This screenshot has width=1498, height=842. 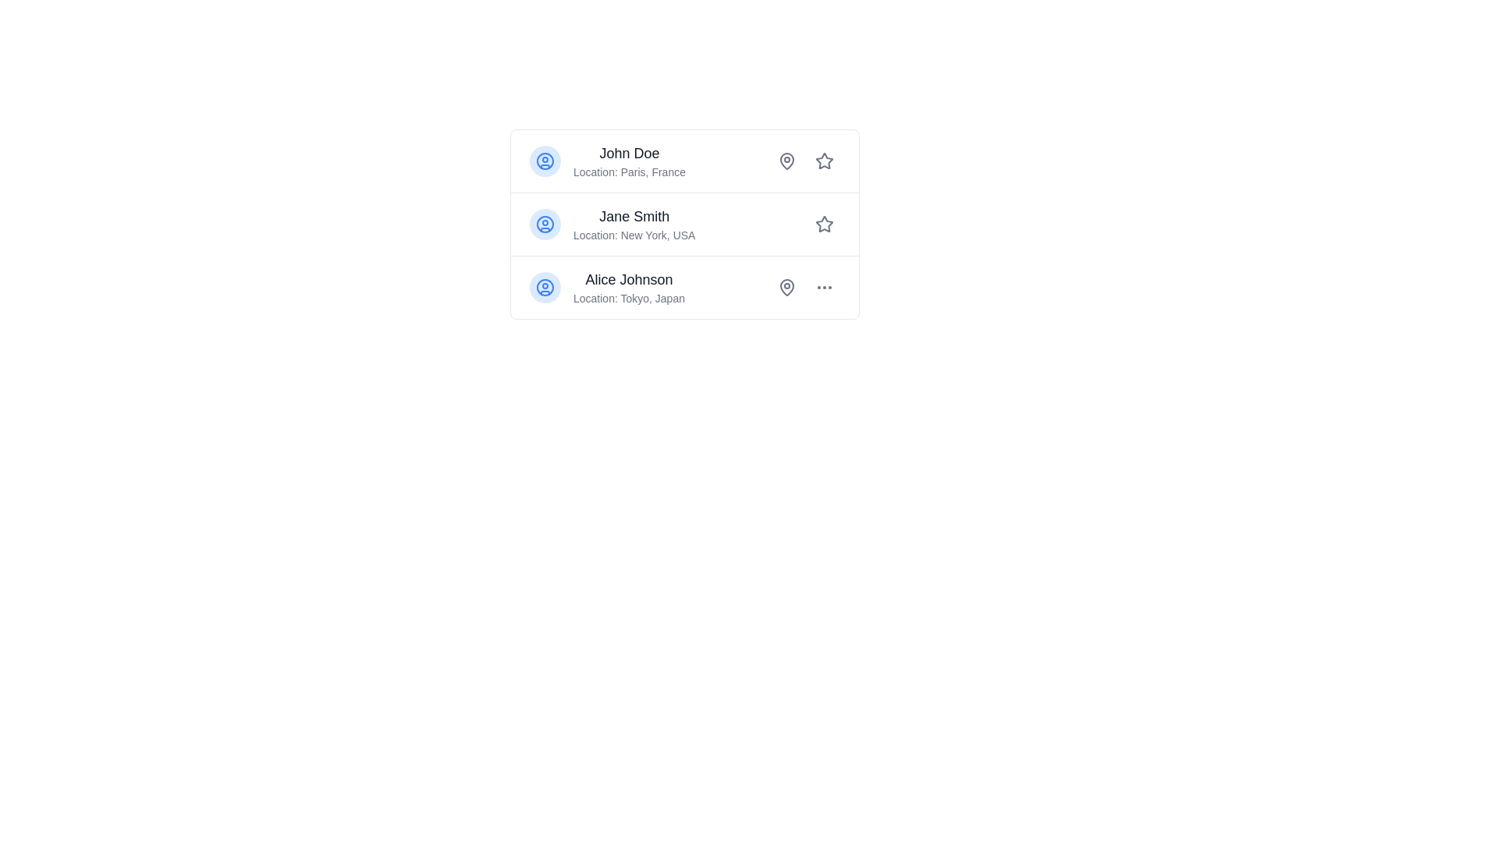 What do you see at coordinates (629, 153) in the screenshot?
I see `the static text label displaying the name 'John Doe', which is the first entry in the user list, to distinguish this user from others` at bounding box center [629, 153].